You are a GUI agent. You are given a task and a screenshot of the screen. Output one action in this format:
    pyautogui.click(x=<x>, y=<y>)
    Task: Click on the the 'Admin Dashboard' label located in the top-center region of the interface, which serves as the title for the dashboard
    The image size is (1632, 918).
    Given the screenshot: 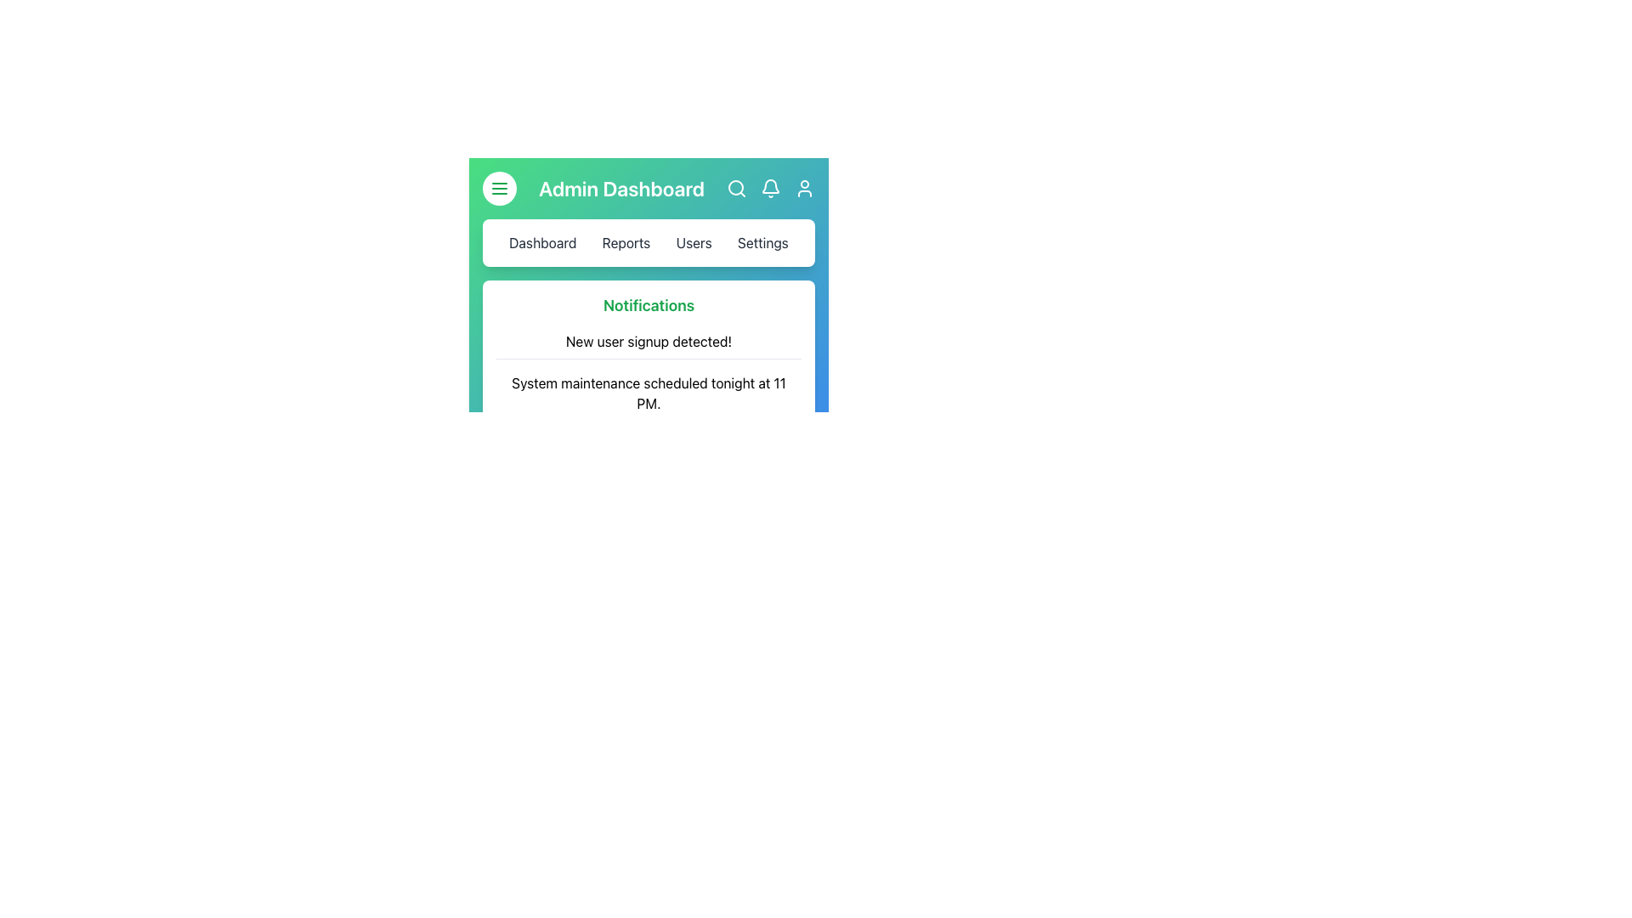 What is the action you would take?
    pyautogui.click(x=620, y=189)
    